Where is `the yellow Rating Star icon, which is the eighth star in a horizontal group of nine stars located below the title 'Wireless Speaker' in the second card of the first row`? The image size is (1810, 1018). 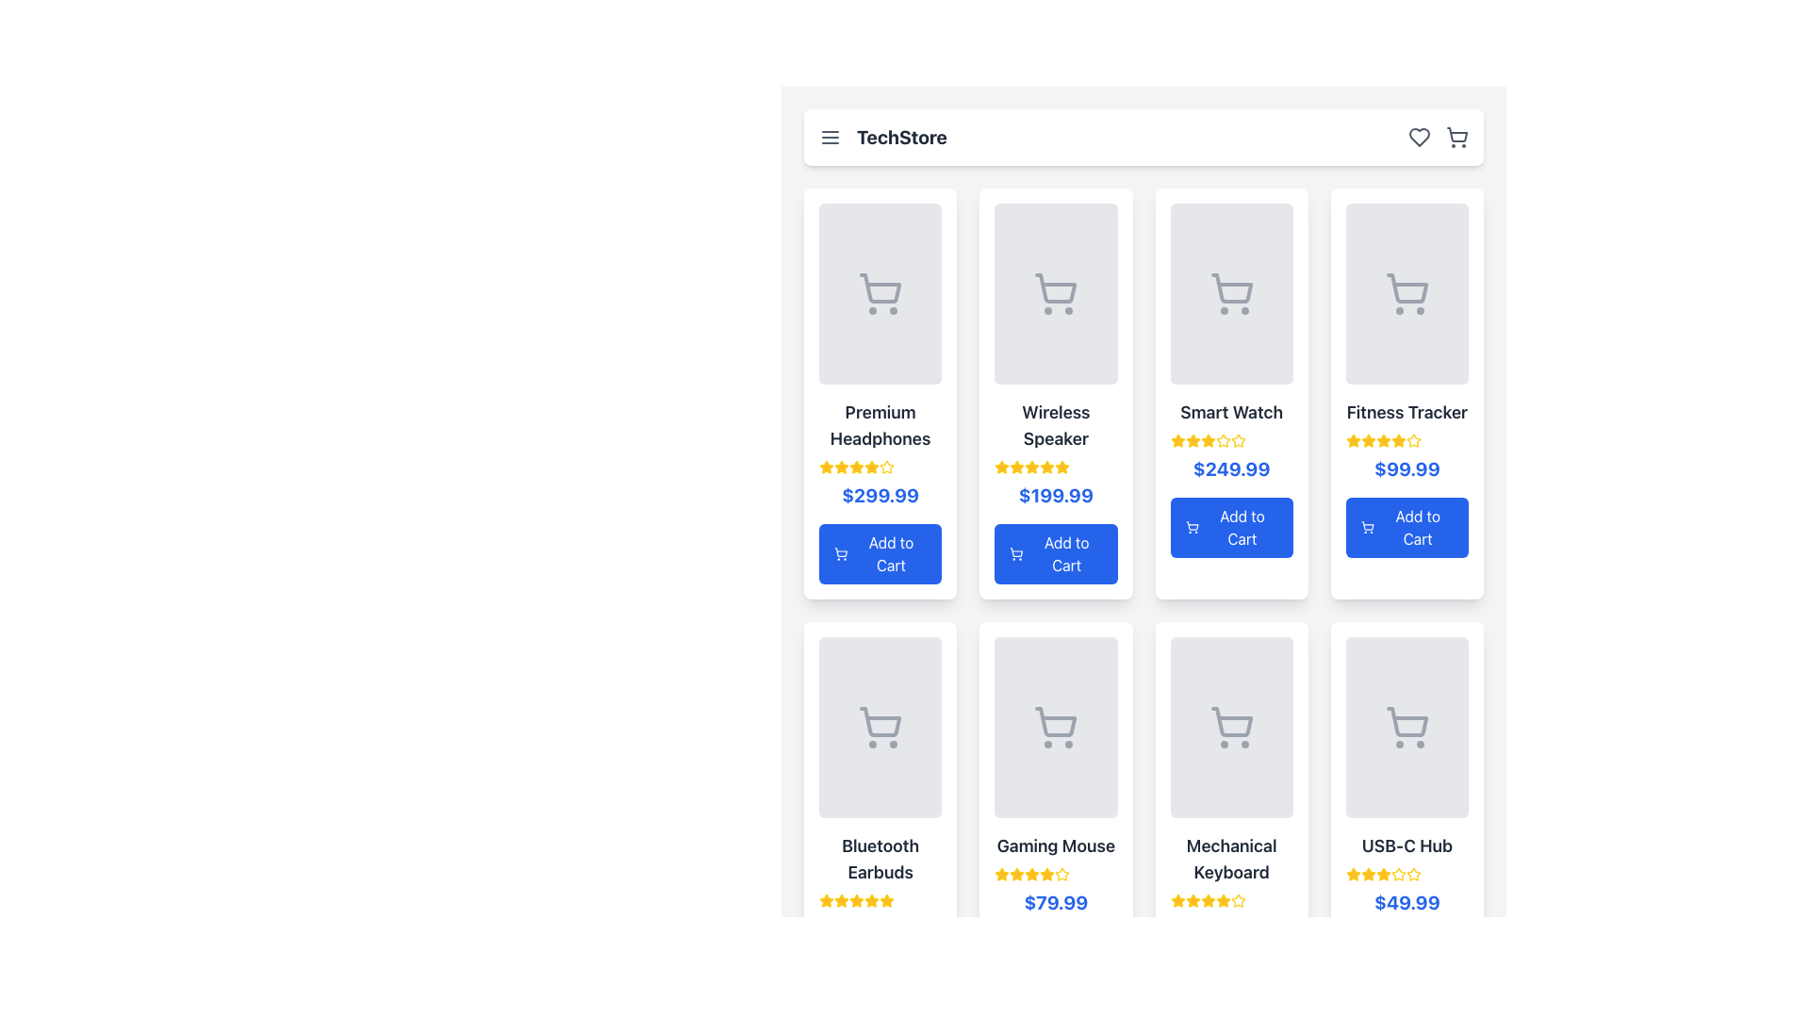
the yellow Rating Star icon, which is the eighth star in a horizontal group of nine stars located below the title 'Wireless Speaker' in the second card of the first row is located at coordinates (1062, 467).